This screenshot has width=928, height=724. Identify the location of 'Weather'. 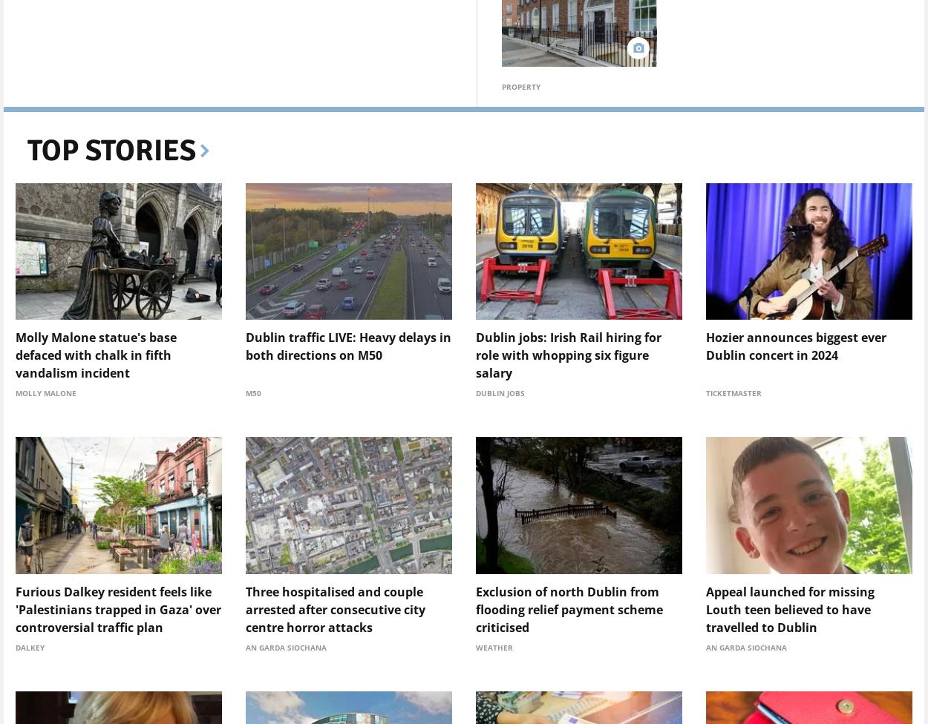
(494, 645).